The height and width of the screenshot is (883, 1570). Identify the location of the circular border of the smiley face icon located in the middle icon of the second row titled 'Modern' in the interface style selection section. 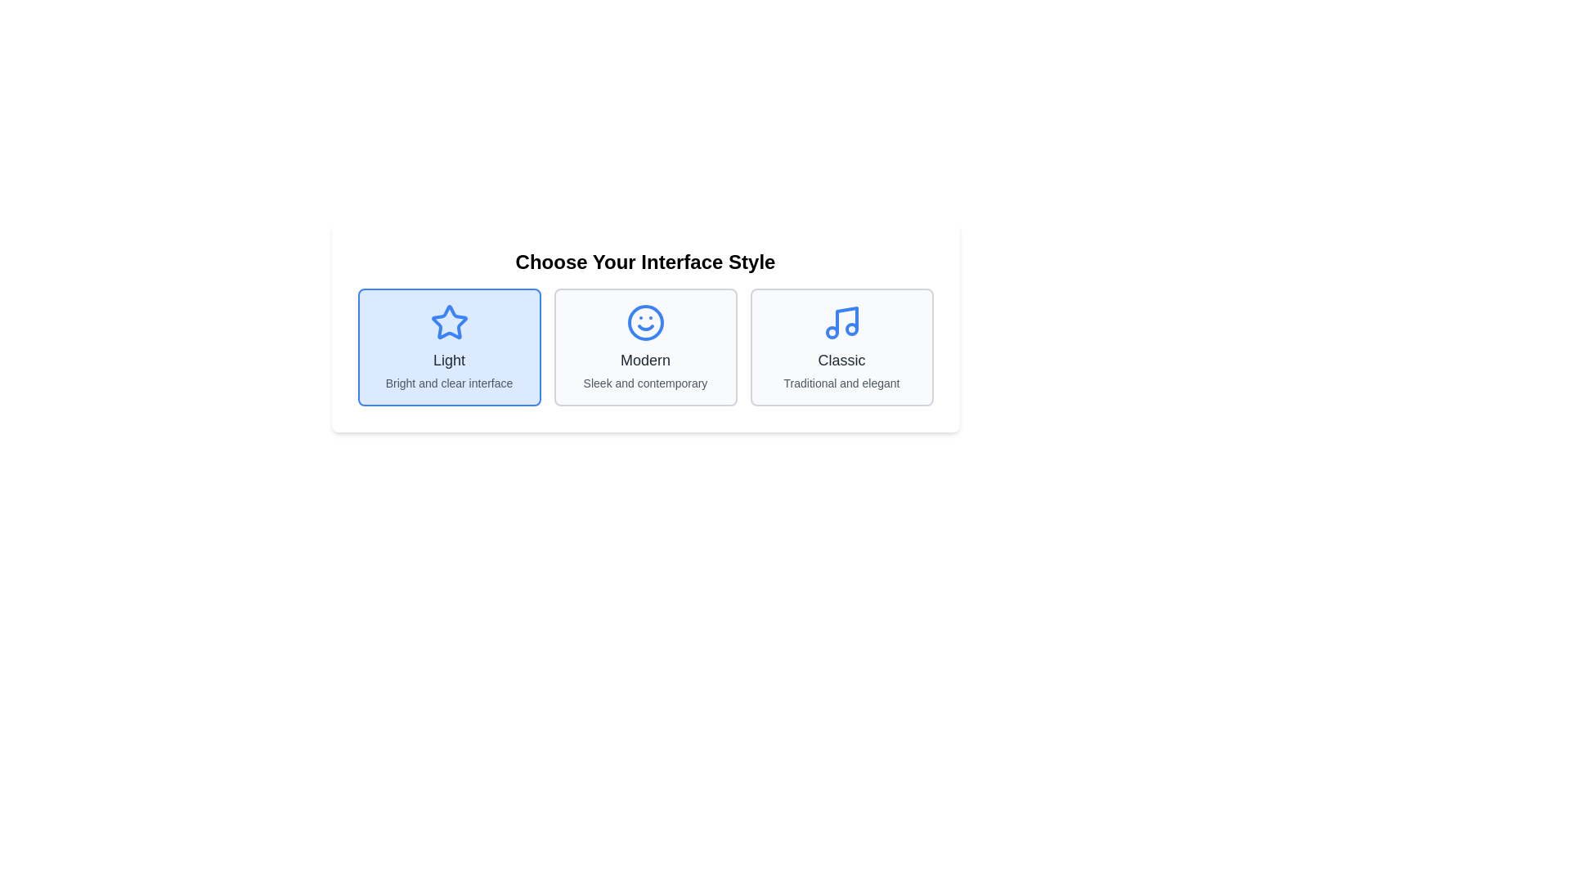
(644, 322).